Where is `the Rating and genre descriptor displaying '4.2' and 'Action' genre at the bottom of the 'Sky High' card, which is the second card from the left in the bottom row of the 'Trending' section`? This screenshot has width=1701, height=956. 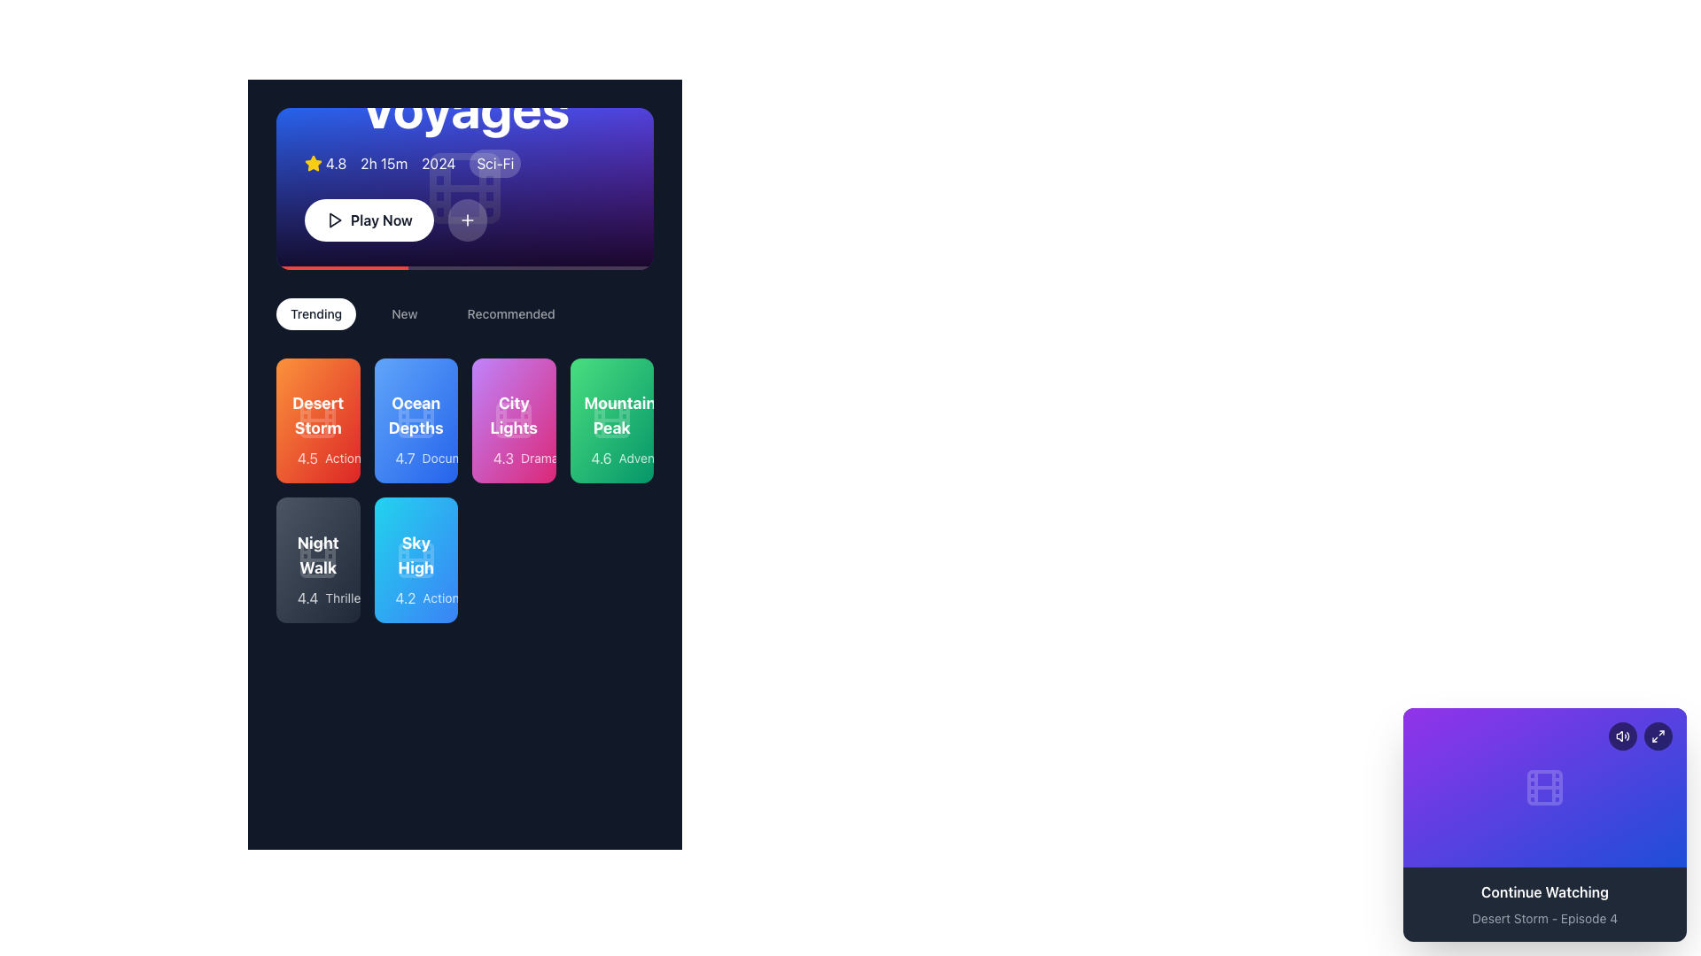 the Rating and genre descriptor displaying '4.2' and 'Action' genre at the bottom of the 'Sky High' card, which is the second card from the left in the bottom row of the 'Trending' section is located at coordinates (415, 597).